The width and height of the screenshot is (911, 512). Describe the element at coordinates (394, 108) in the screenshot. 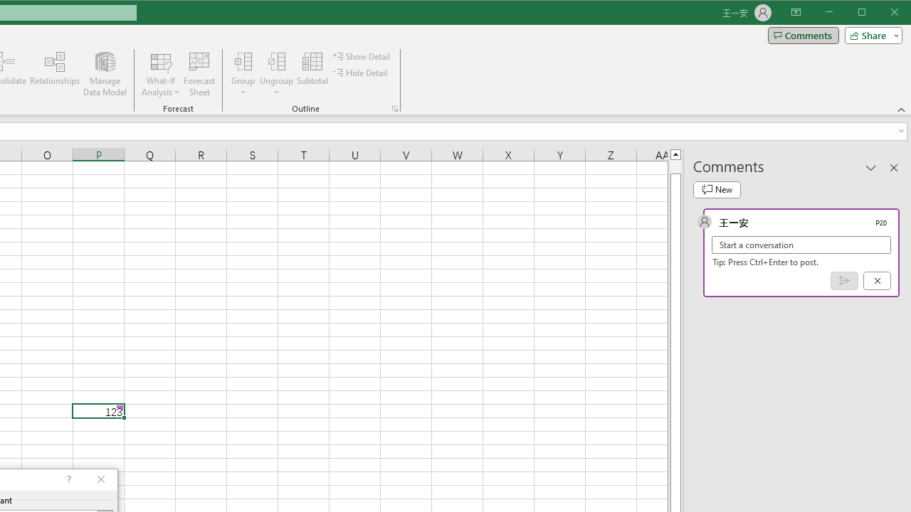

I see `'Group and Outline Settings'` at that location.